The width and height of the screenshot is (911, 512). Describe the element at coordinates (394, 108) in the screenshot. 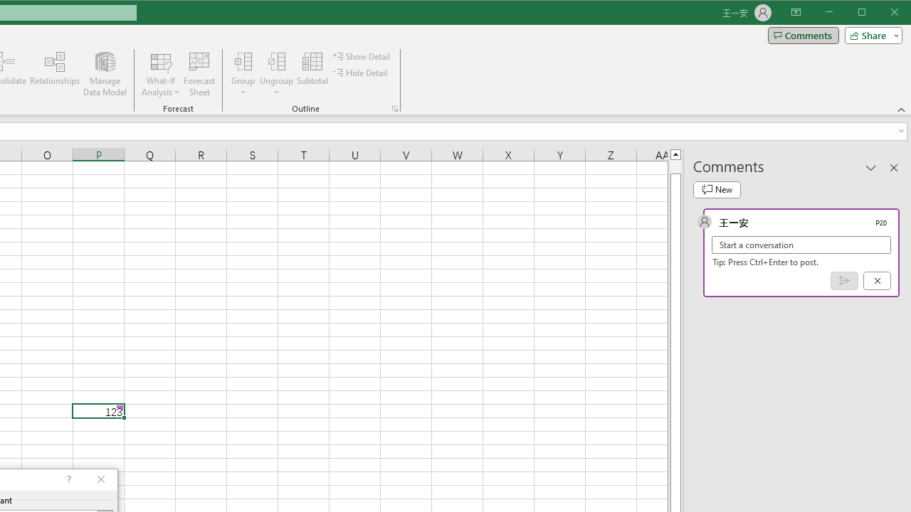

I see `'Group and Outline Settings'` at that location.